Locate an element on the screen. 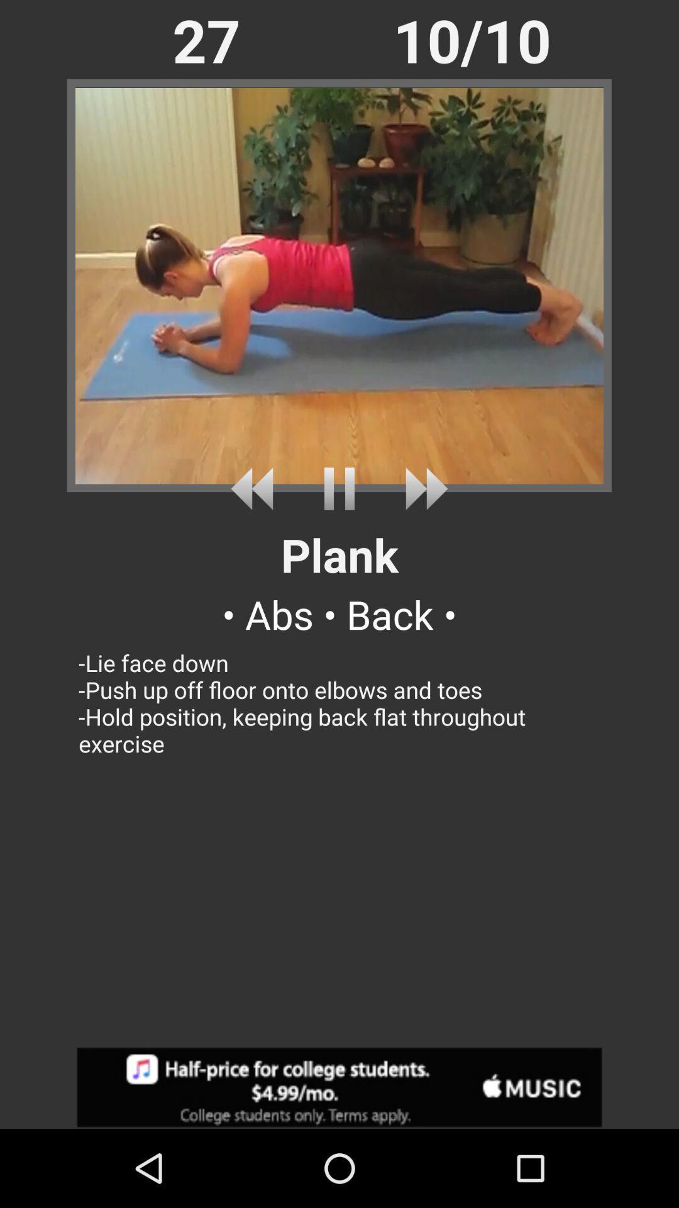  next is located at coordinates (422, 488).